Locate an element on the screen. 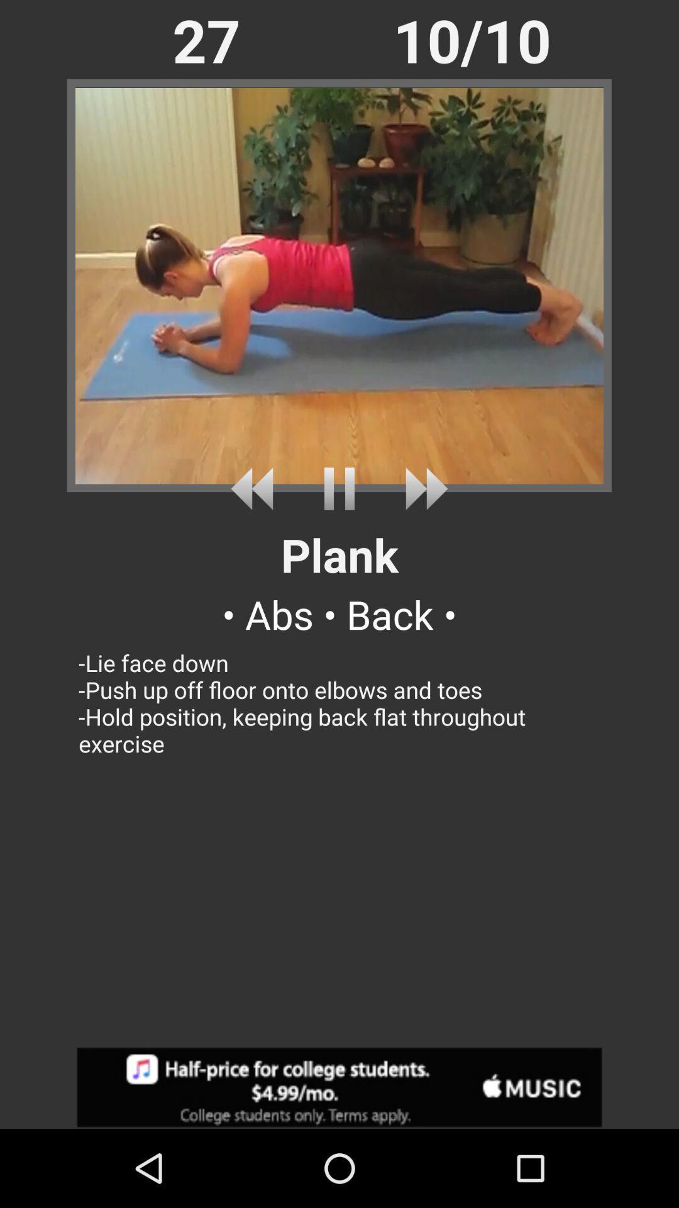  next is located at coordinates (422, 488).